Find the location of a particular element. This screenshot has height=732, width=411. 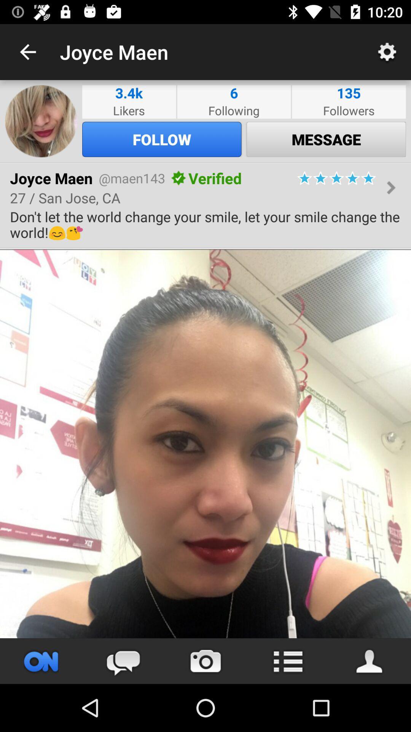

photo is located at coordinates (205, 443).